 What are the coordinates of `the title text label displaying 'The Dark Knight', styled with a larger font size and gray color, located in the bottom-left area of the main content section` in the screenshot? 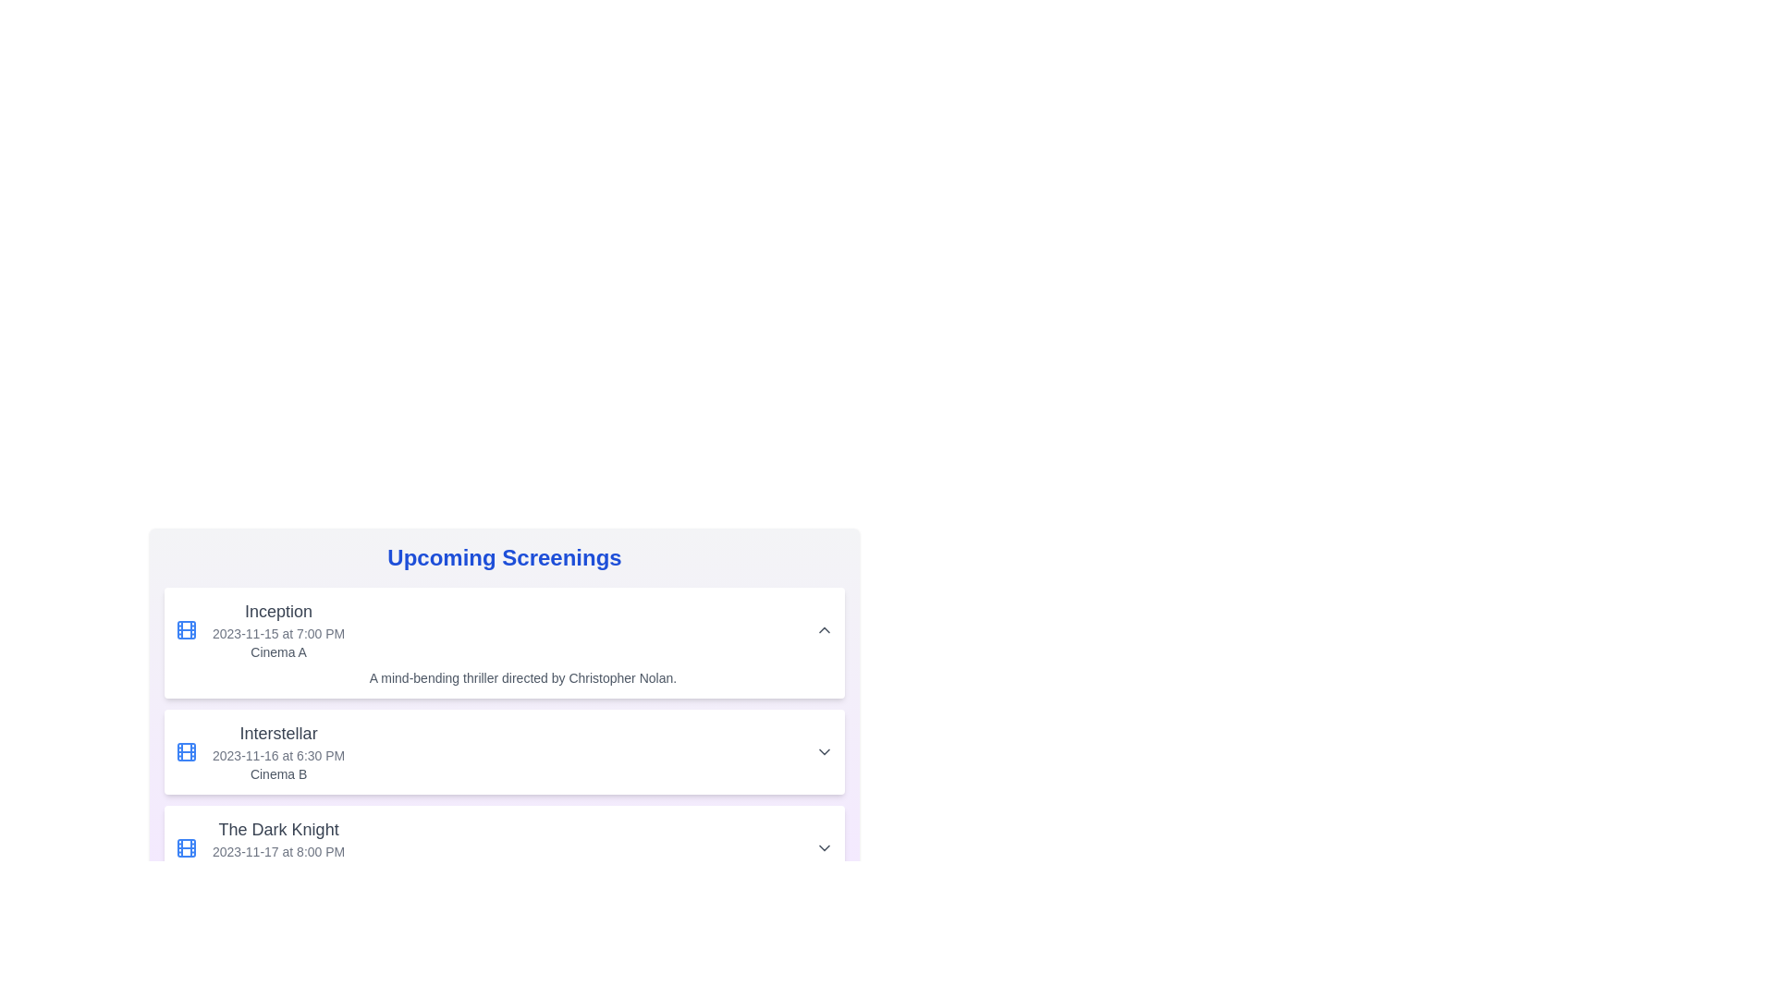 It's located at (277, 829).